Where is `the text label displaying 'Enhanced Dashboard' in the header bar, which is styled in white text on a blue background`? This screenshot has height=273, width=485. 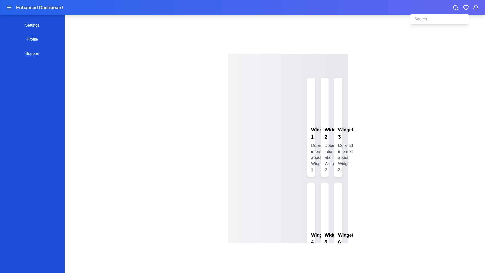
the text label displaying 'Enhanced Dashboard' in the header bar, which is styled in white text on a blue background is located at coordinates (39, 8).